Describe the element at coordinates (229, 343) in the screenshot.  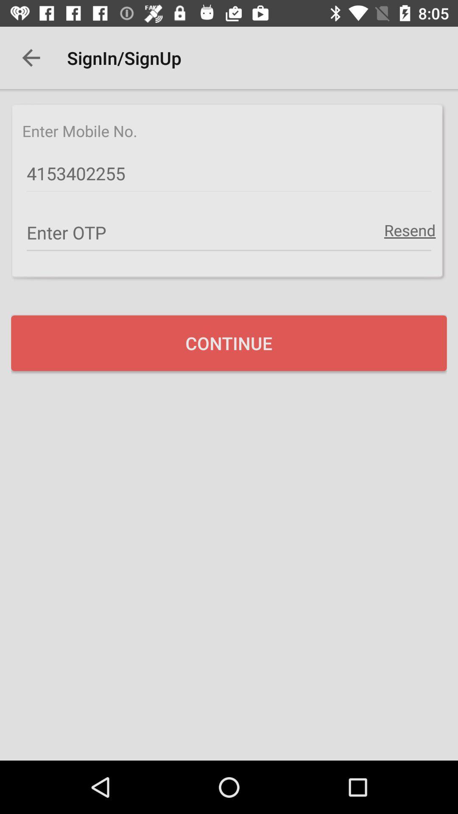
I see `icon at the center` at that location.